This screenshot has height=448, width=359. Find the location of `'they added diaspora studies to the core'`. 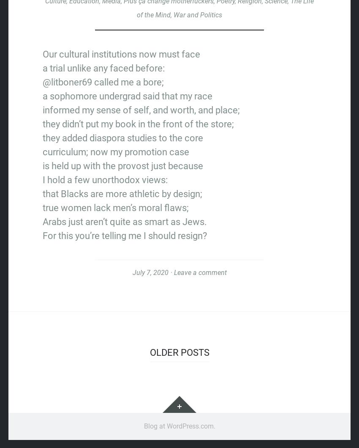

'they added diaspora studies to the core' is located at coordinates (122, 137).